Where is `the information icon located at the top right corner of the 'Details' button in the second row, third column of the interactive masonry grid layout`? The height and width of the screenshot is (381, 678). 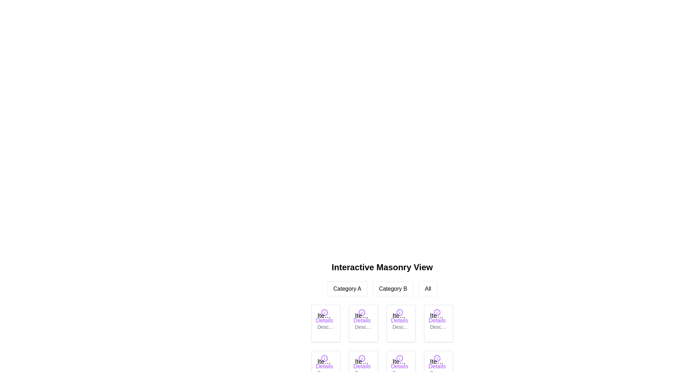
the information icon located at the top right corner of the 'Details' button in the second row, third column of the interactive masonry grid layout is located at coordinates (399, 358).